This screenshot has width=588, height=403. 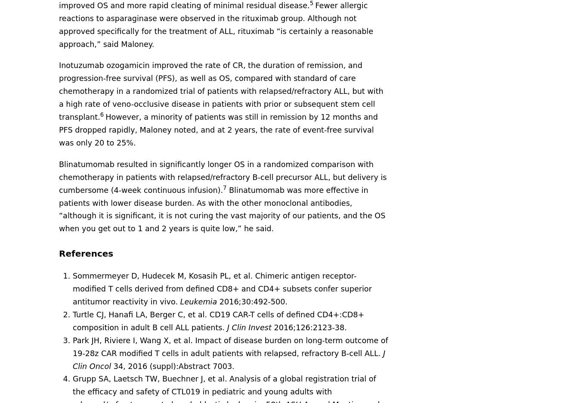 I want to click on 'However, a minority of patients was still in remission by 12 months and PFS dropped rapidly, Maloney noted, and at 2 years, the rate of event-free survival was only 20 to 25%.', so click(x=218, y=130).